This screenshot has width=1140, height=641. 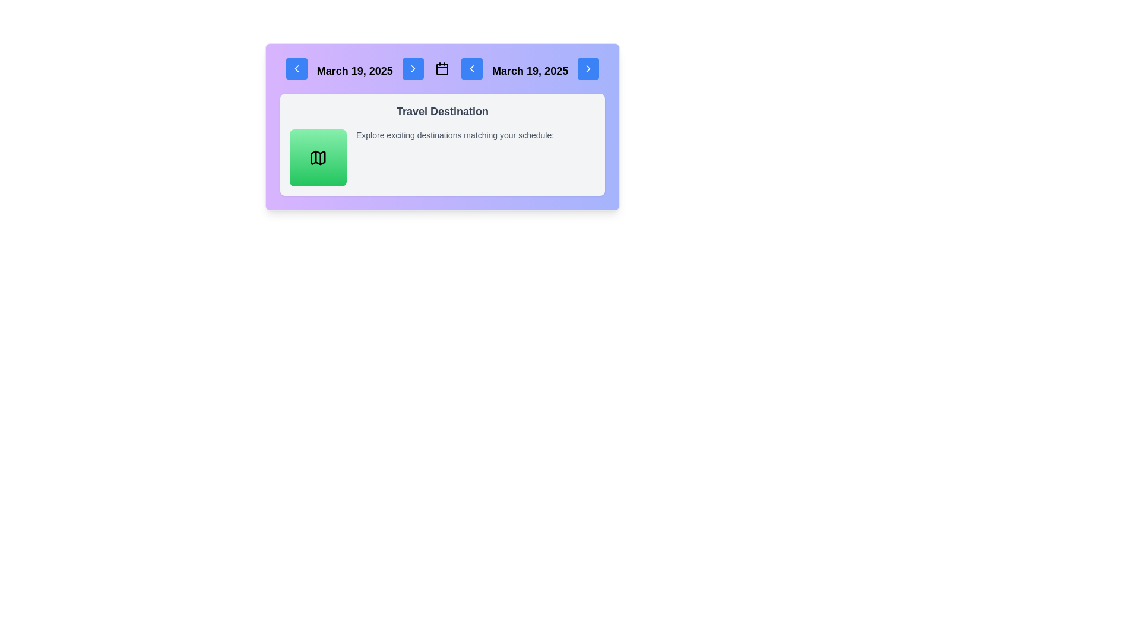 What do you see at coordinates (442, 69) in the screenshot?
I see `the decorative component within the SVG-based calendar icon located at the top center section of the UI, between the date texts 'March 19, 2025'` at bounding box center [442, 69].